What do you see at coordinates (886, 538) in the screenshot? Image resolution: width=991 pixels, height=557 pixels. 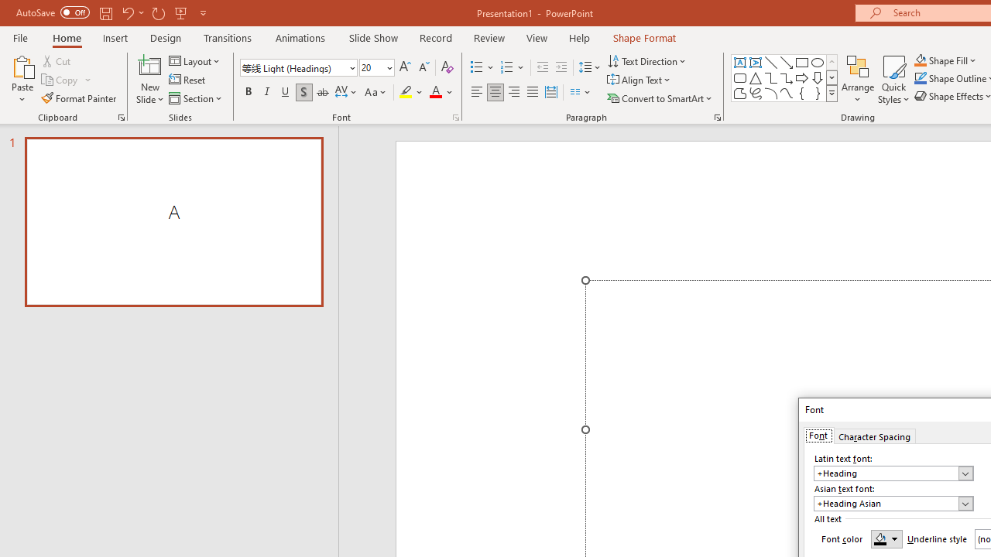 I see `'Font color RGB(0, 0, 0)'` at bounding box center [886, 538].